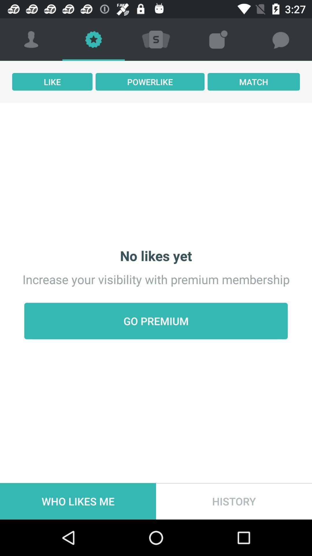  Describe the element at coordinates (156, 321) in the screenshot. I see `go premium item` at that location.